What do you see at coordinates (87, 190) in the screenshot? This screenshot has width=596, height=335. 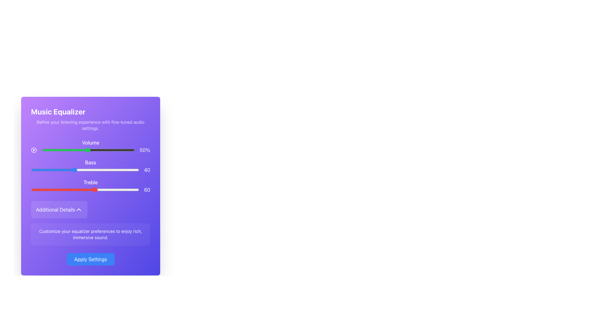 I see `the Treble` at bounding box center [87, 190].